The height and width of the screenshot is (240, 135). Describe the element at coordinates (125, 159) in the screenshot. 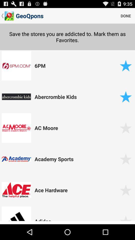

I see `to favourite option` at that location.